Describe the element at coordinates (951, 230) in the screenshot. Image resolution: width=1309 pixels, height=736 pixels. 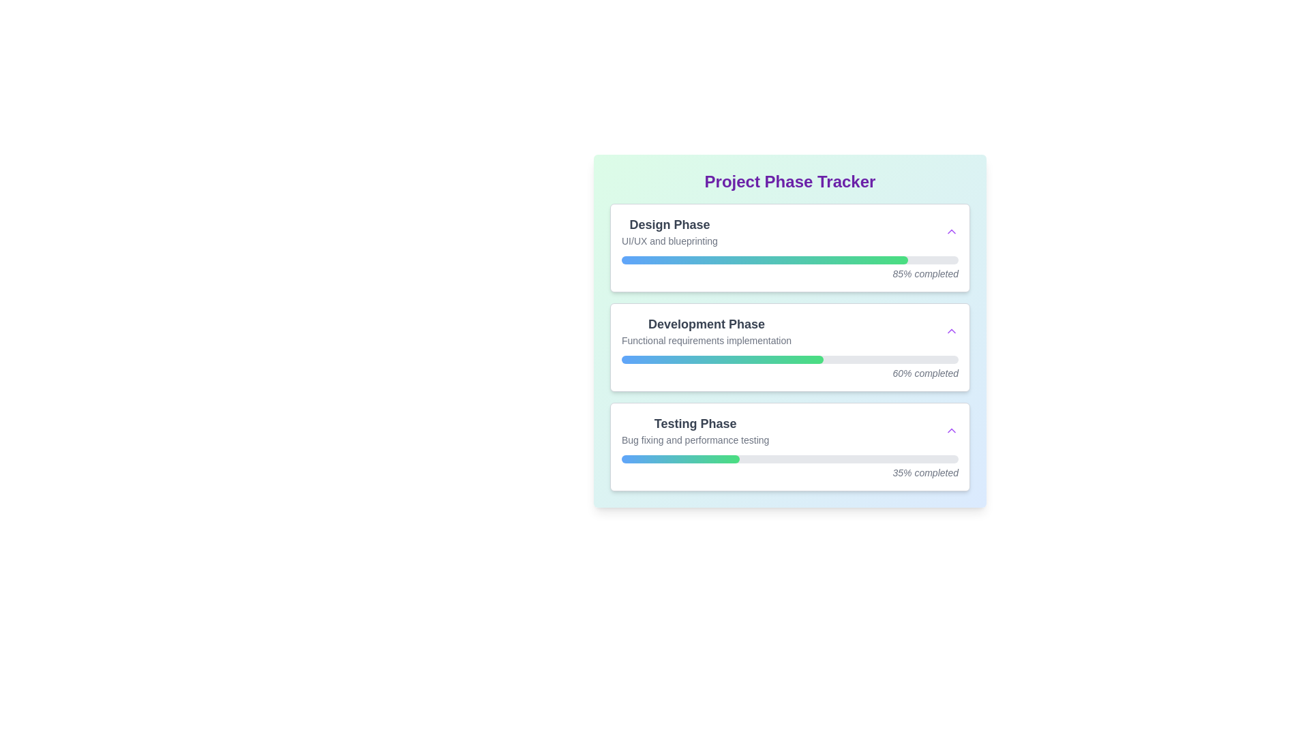
I see `the small chevron-up icon in purple located in the top-right corner of the 'Design Phase' card` at that location.